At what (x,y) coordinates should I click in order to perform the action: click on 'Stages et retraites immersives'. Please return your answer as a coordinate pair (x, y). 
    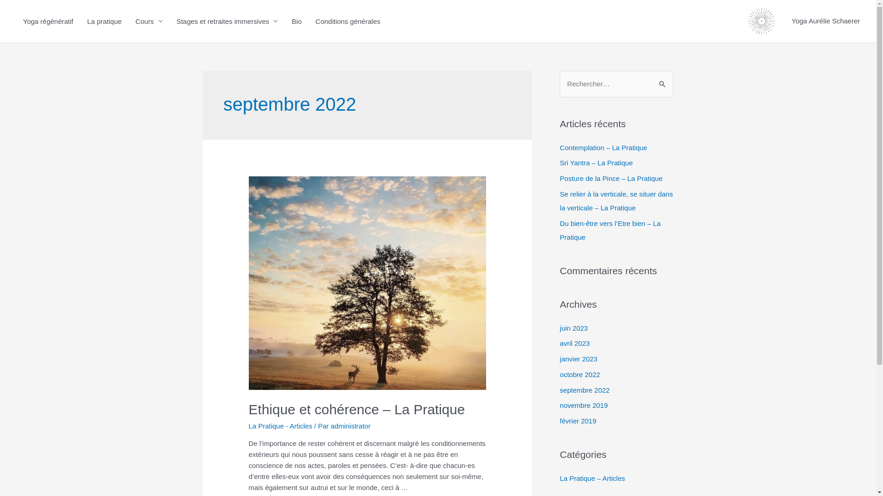
    Looking at the image, I should click on (170, 21).